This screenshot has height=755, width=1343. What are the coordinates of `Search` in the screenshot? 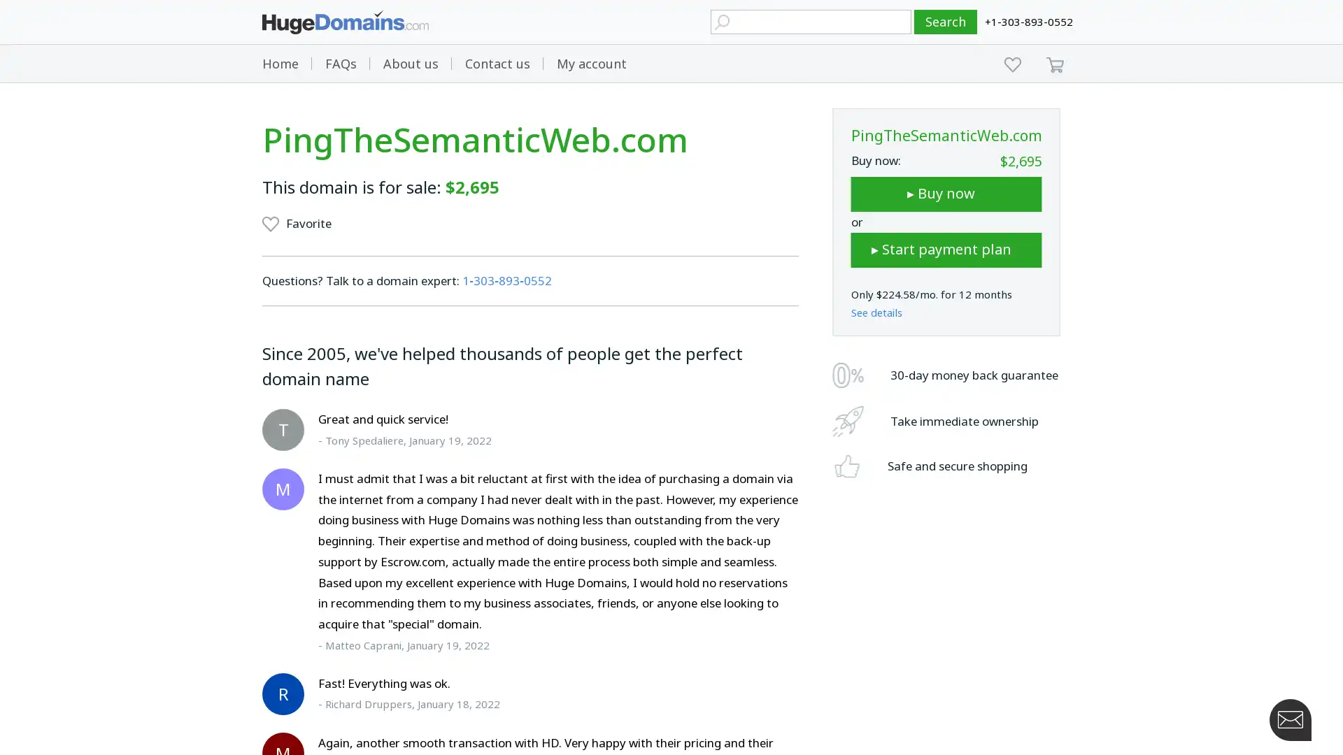 It's located at (946, 22).